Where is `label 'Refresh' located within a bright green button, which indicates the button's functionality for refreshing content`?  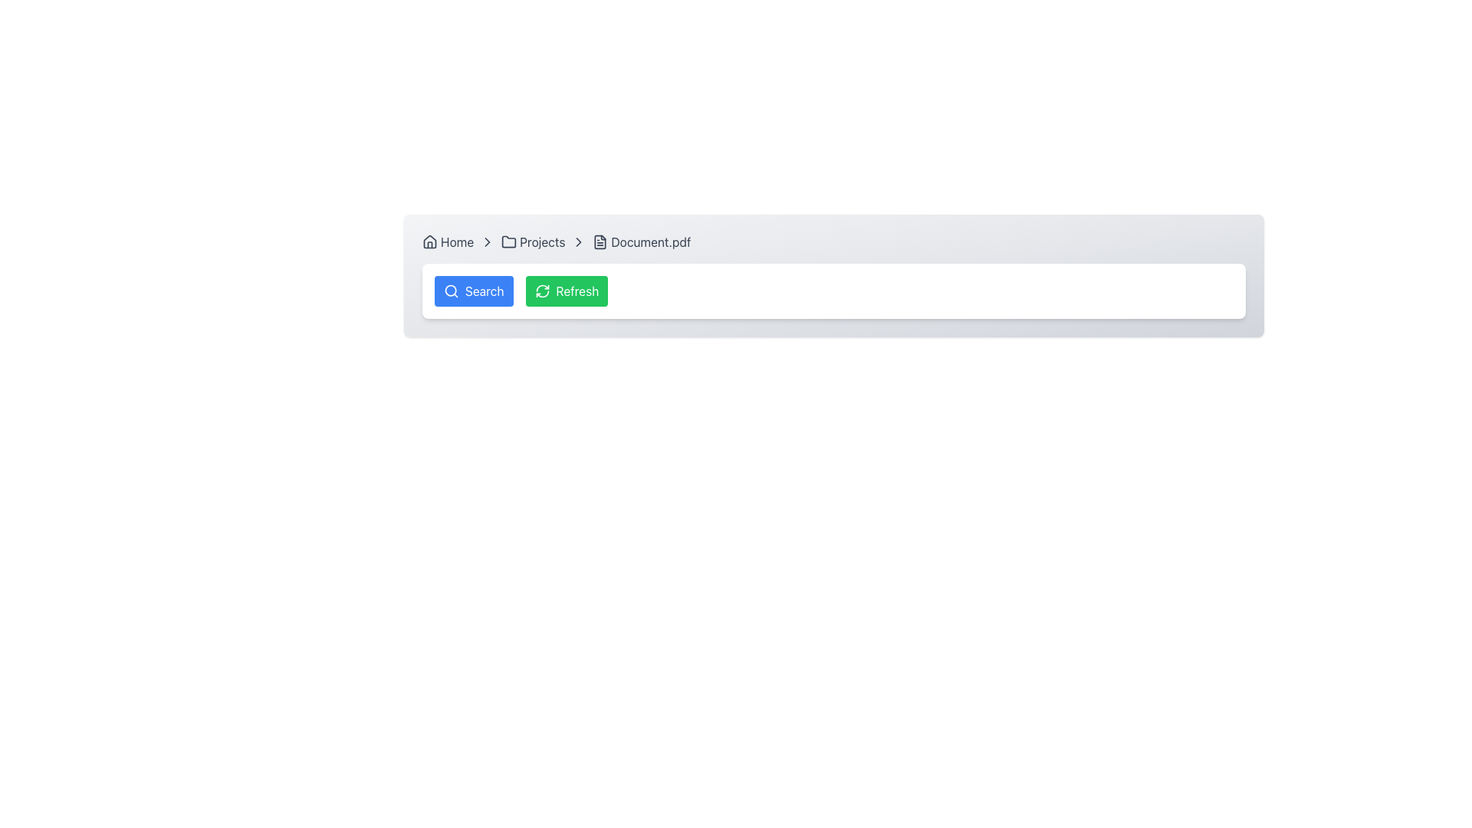
label 'Refresh' located within a bright green button, which indicates the button's functionality for refreshing content is located at coordinates (577, 291).